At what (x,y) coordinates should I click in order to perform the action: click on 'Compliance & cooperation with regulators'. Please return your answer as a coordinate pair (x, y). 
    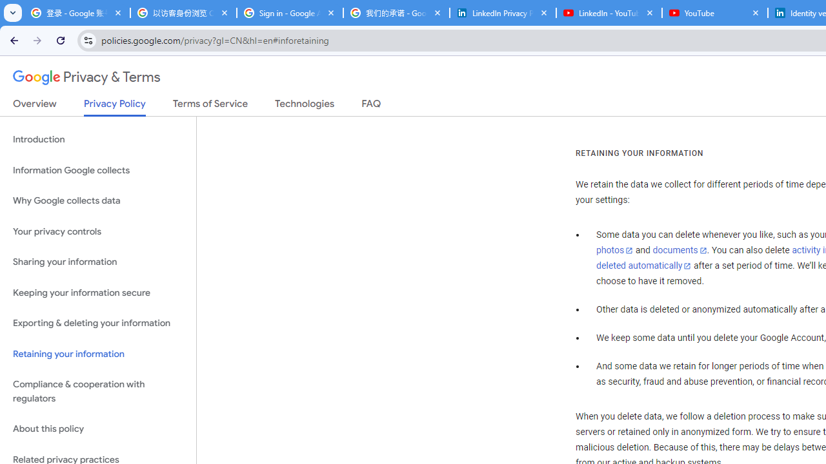
    Looking at the image, I should click on (97, 391).